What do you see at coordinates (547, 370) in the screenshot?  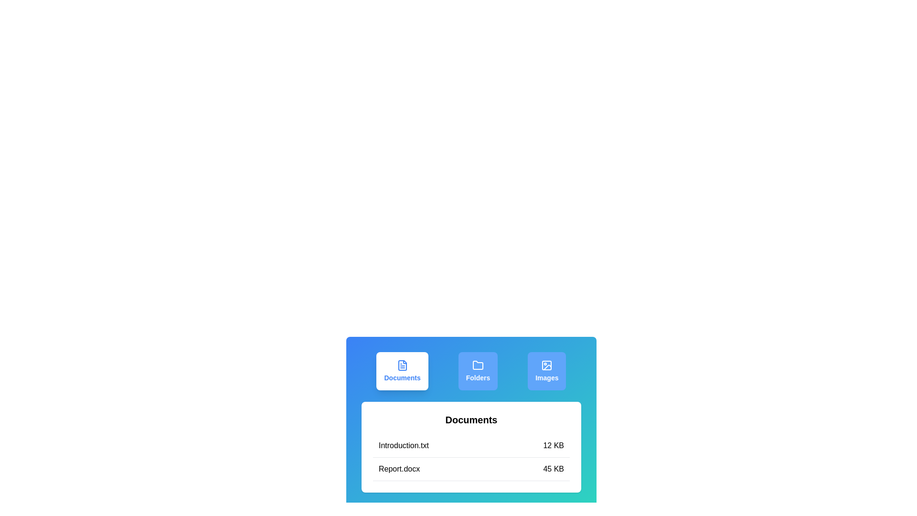 I see `the 'Images' button` at bounding box center [547, 370].